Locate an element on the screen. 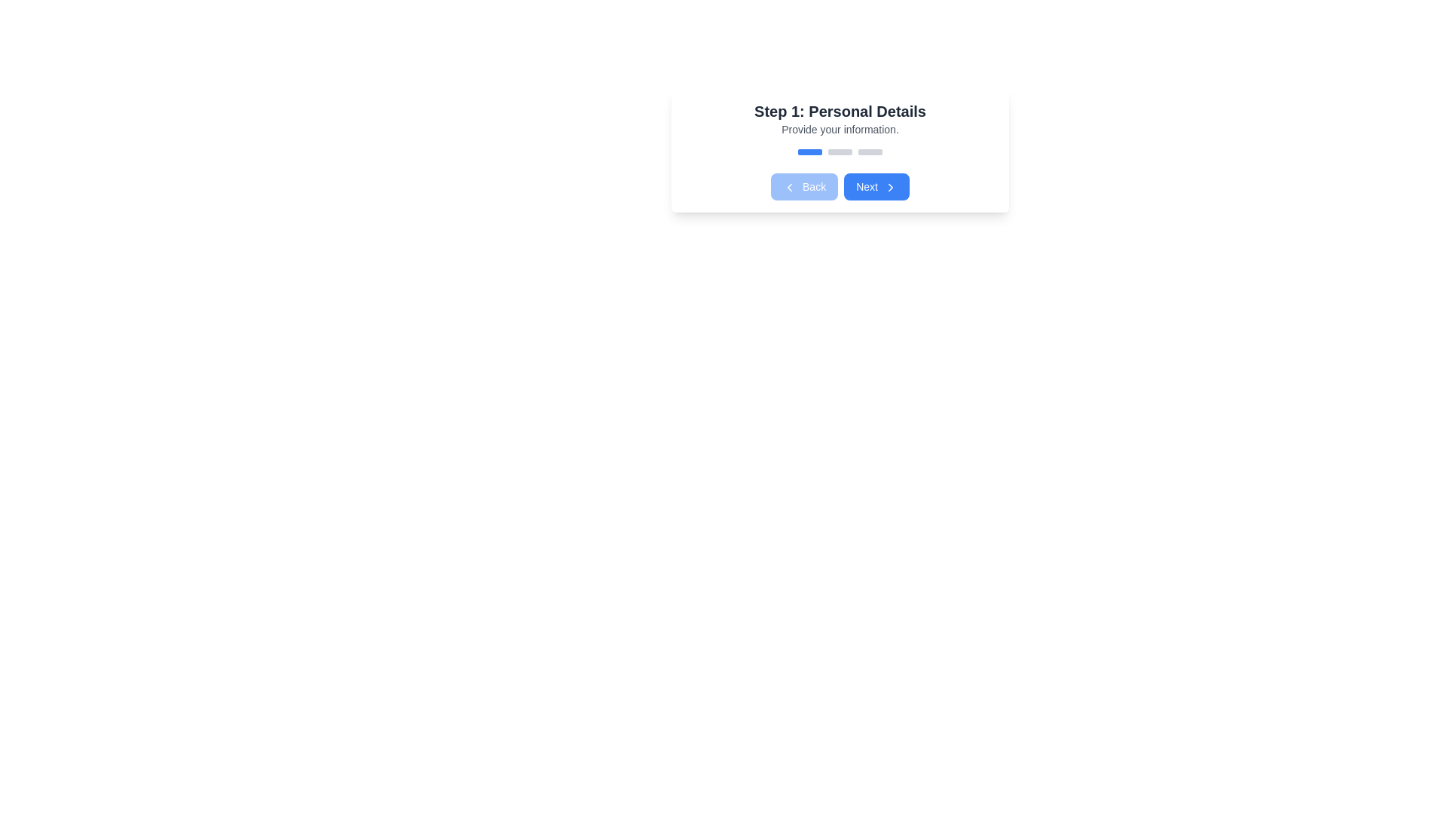 Image resolution: width=1447 pixels, height=814 pixels. the 'Next' button, which is a rectangular button with rounded corners and a blue background, containing the text 'Next' in white and an arrow icon, located to the right of the 'Back' button is located at coordinates (876, 186).